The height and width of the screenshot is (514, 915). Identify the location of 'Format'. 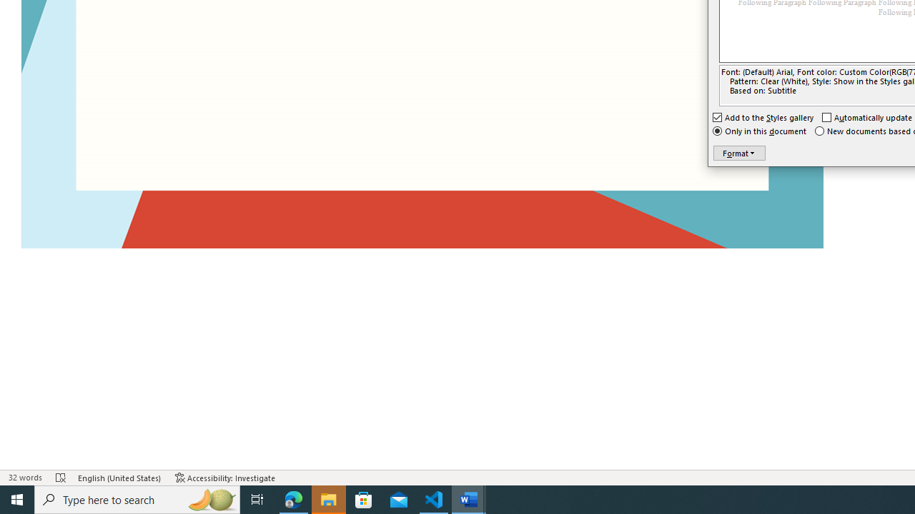
(739, 153).